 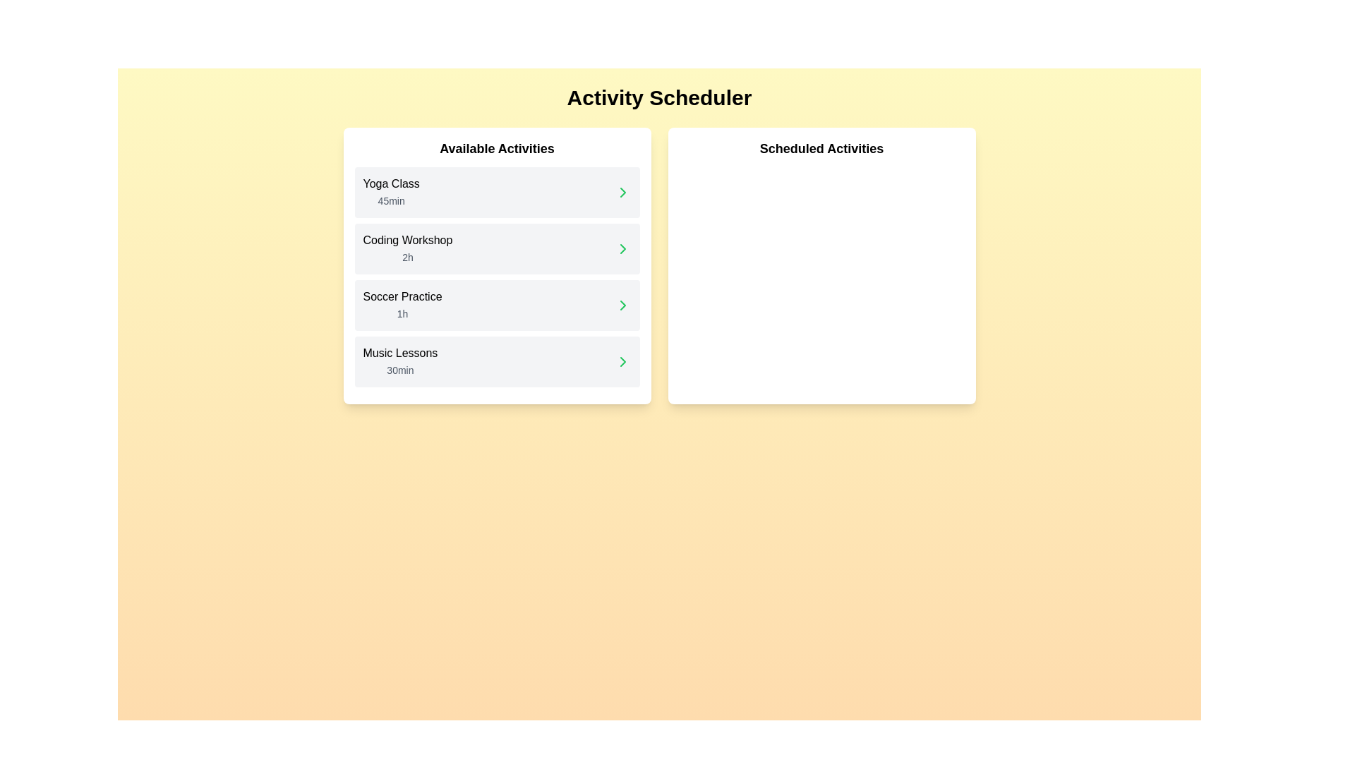 What do you see at coordinates (622, 361) in the screenshot?
I see `the chevron icon next to the activity Music Lessons to schedule it` at bounding box center [622, 361].